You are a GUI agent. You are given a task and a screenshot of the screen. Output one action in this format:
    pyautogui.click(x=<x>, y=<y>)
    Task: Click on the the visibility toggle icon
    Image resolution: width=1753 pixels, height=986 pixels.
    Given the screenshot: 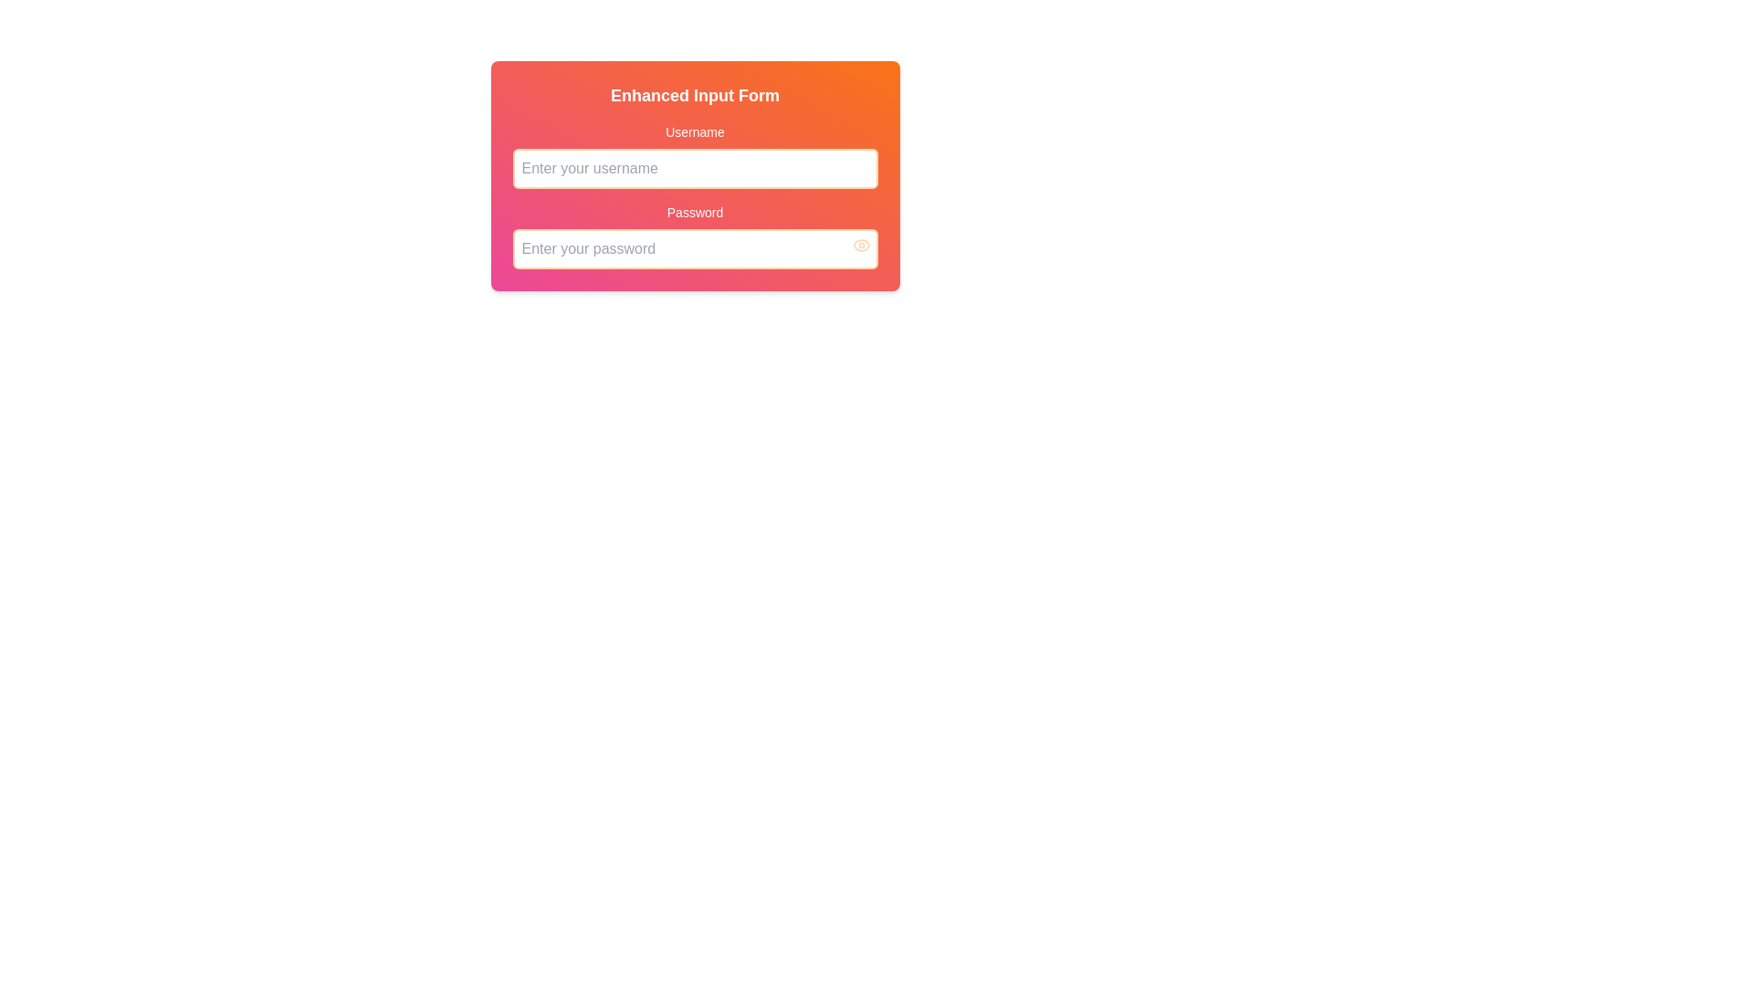 What is the action you would take?
    pyautogui.click(x=860, y=245)
    